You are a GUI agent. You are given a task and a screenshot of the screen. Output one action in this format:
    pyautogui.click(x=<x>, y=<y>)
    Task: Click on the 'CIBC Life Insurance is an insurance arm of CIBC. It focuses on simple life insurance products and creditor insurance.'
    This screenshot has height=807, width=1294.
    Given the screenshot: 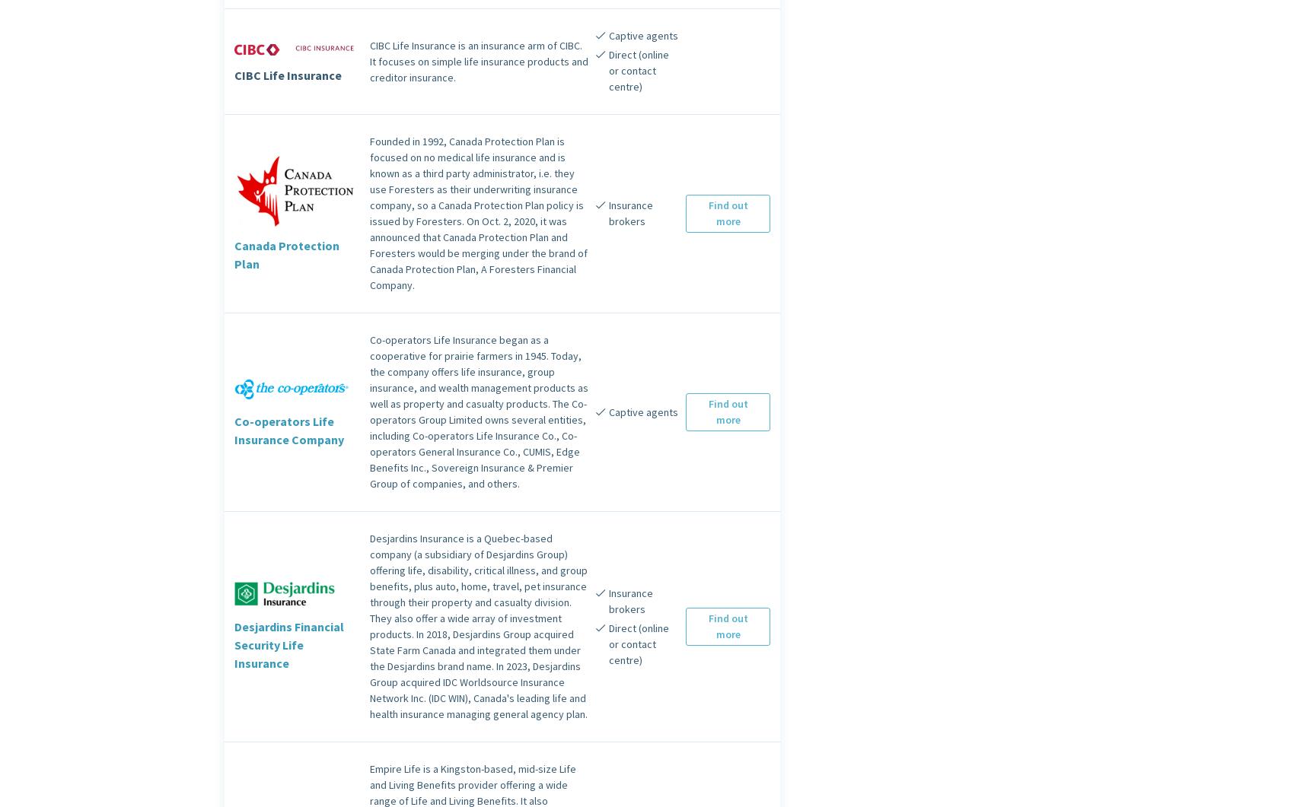 What is the action you would take?
    pyautogui.click(x=478, y=60)
    